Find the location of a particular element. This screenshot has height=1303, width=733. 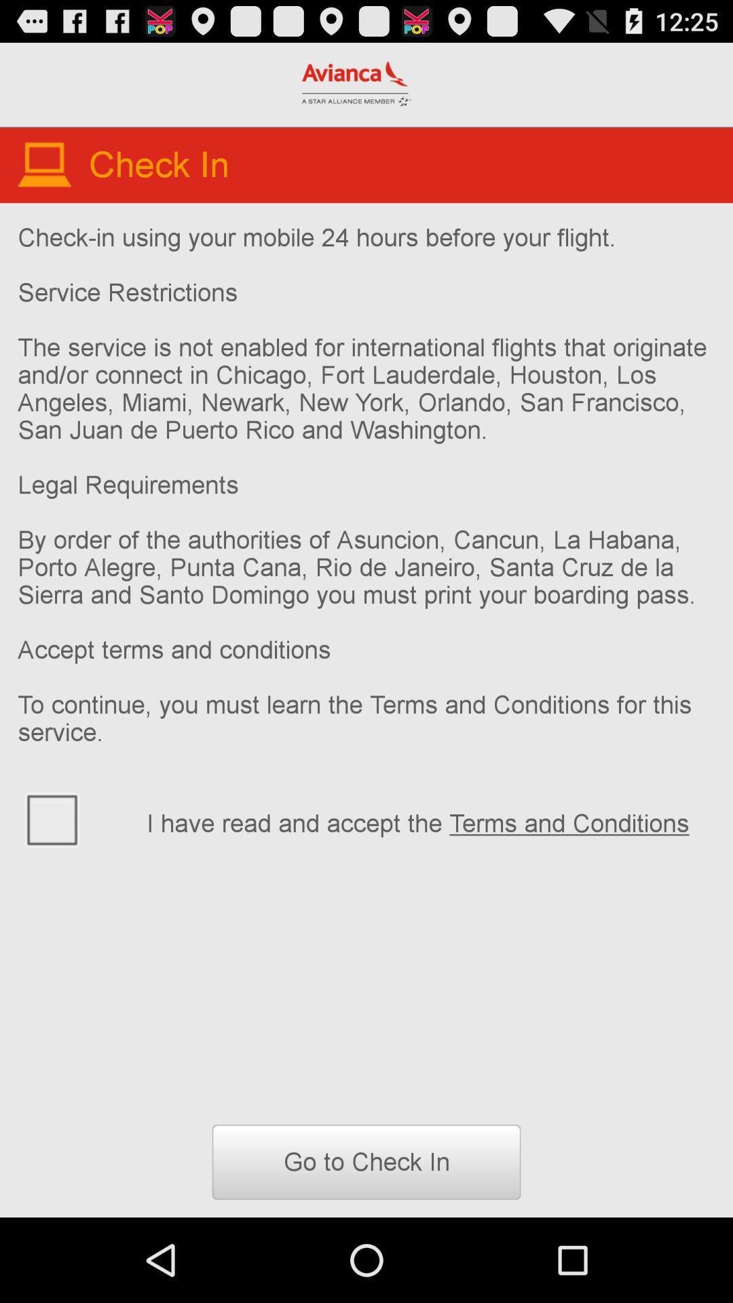

the icon below check in using icon is located at coordinates (73, 818).